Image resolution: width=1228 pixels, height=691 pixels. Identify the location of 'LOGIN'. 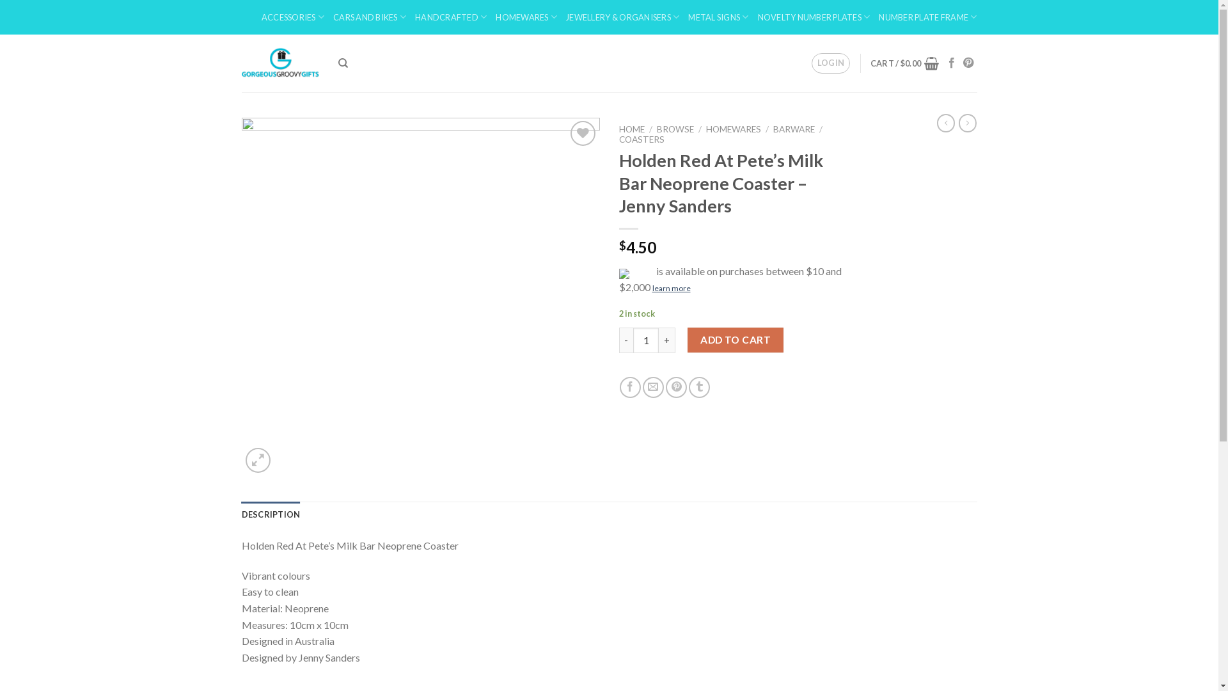
(830, 63).